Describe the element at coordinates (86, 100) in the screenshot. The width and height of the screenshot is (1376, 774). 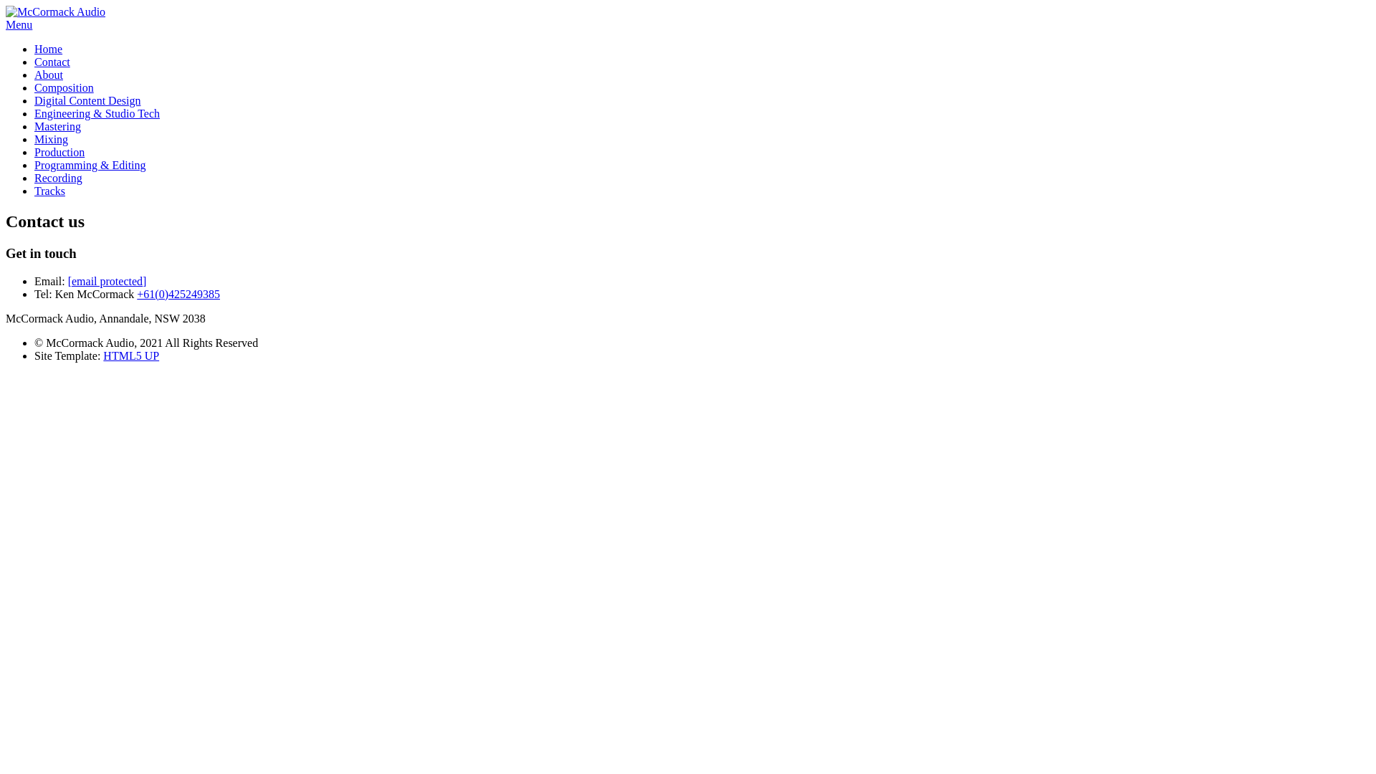
I see `'Digital Content Design'` at that location.